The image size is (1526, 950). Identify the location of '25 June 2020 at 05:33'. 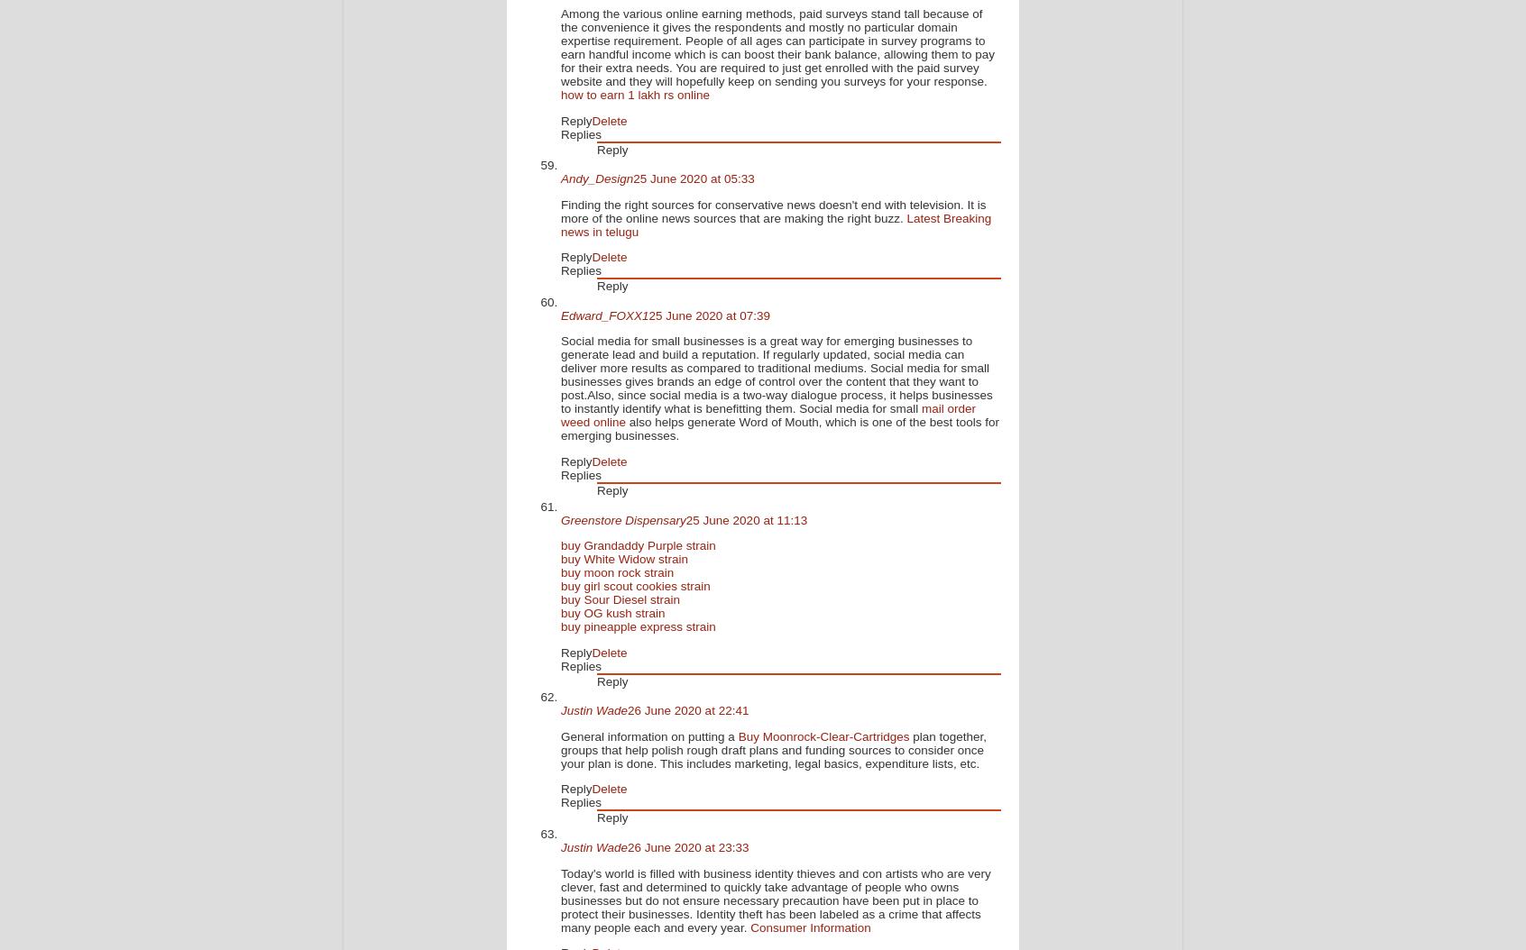
(693, 178).